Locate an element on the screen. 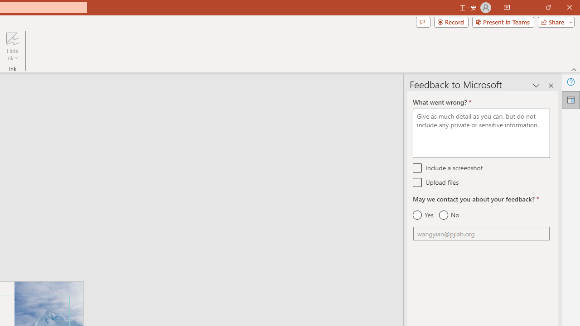 Image resolution: width=580 pixels, height=326 pixels. 'Include a screenshot' is located at coordinates (417, 168).